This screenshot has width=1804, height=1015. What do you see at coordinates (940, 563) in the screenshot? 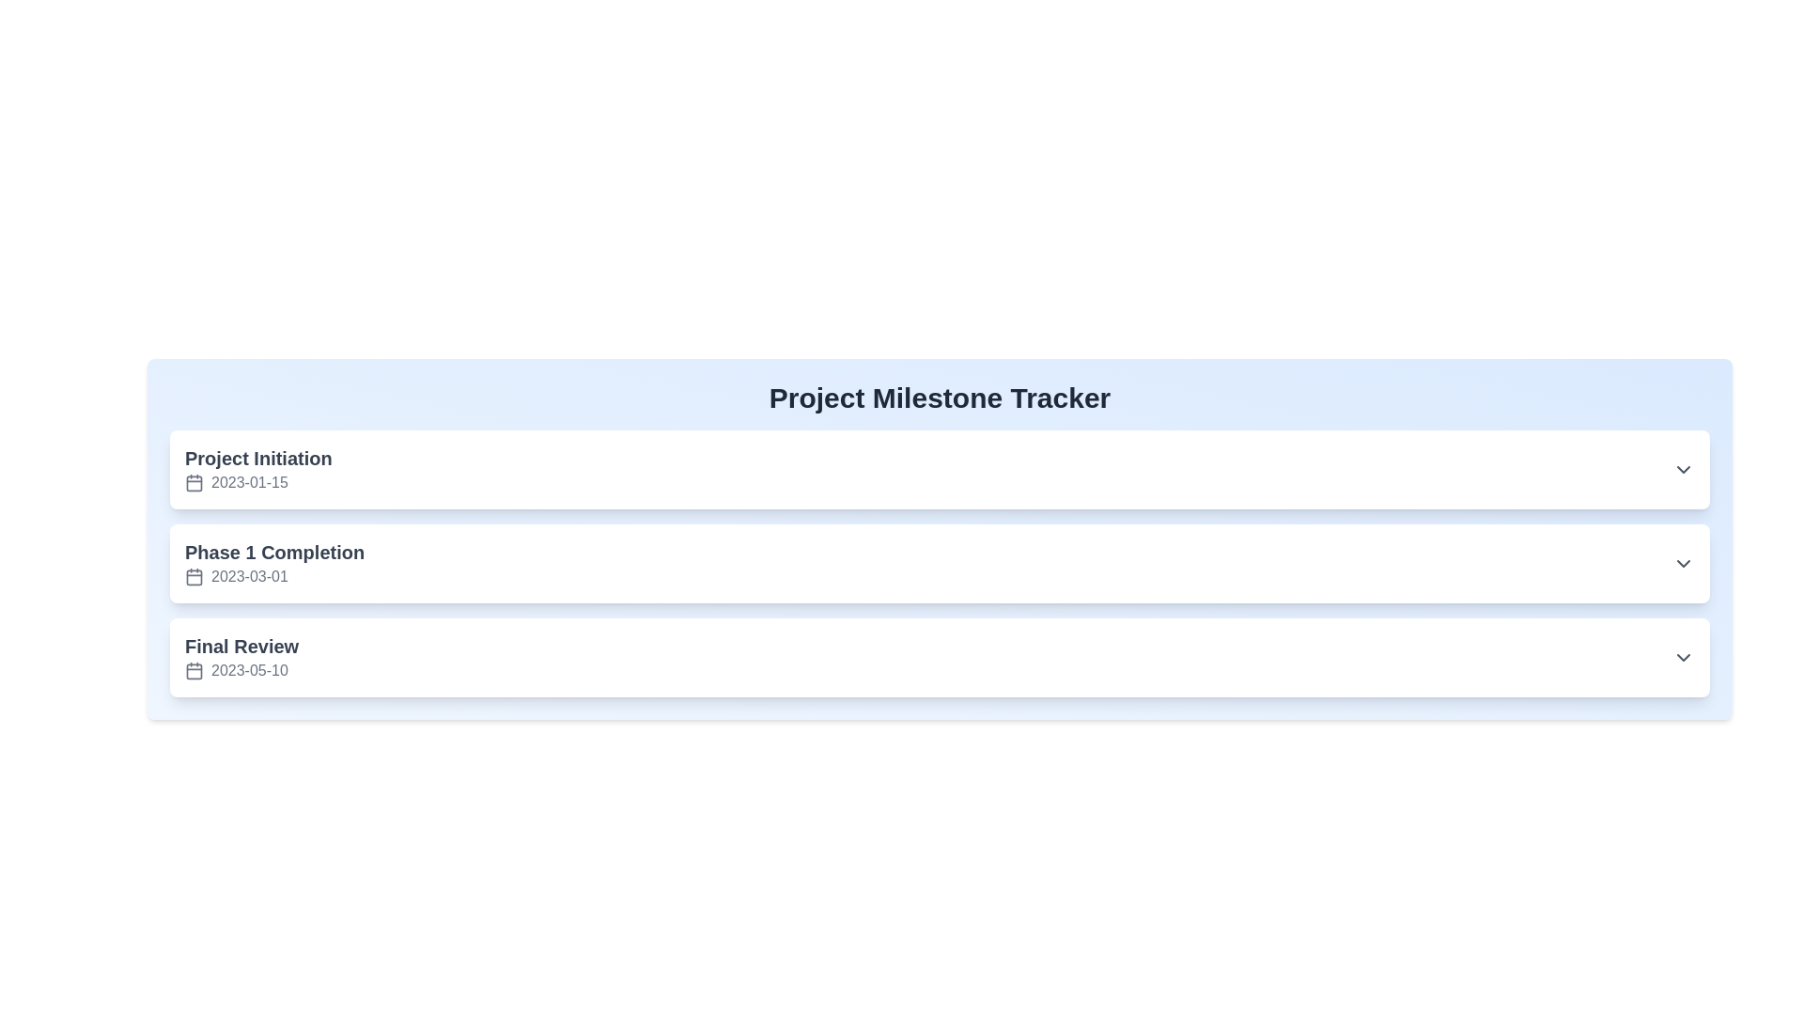
I see `the second list item in the project tracker, which displays the milestone phase name and completion date` at bounding box center [940, 563].